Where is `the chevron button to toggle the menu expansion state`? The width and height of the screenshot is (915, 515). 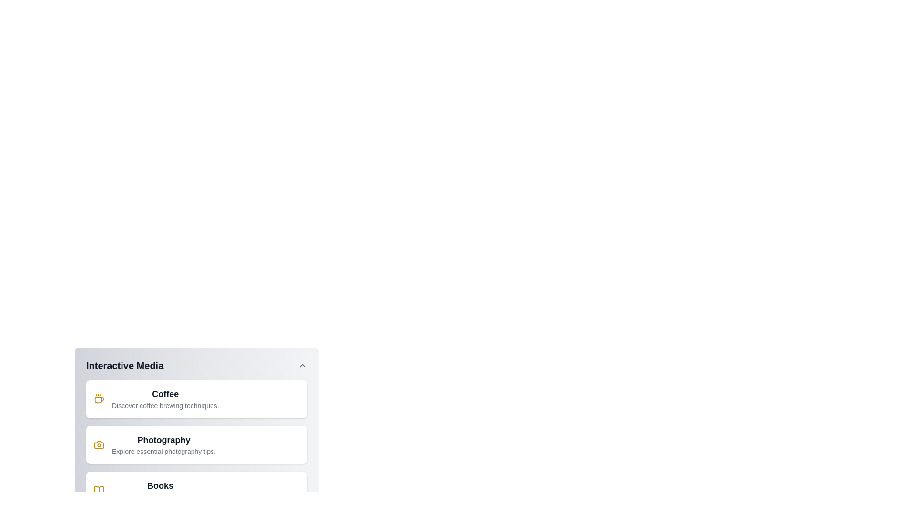
the chevron button to toggle the menu expansion state is located at coordinates (302, 365).